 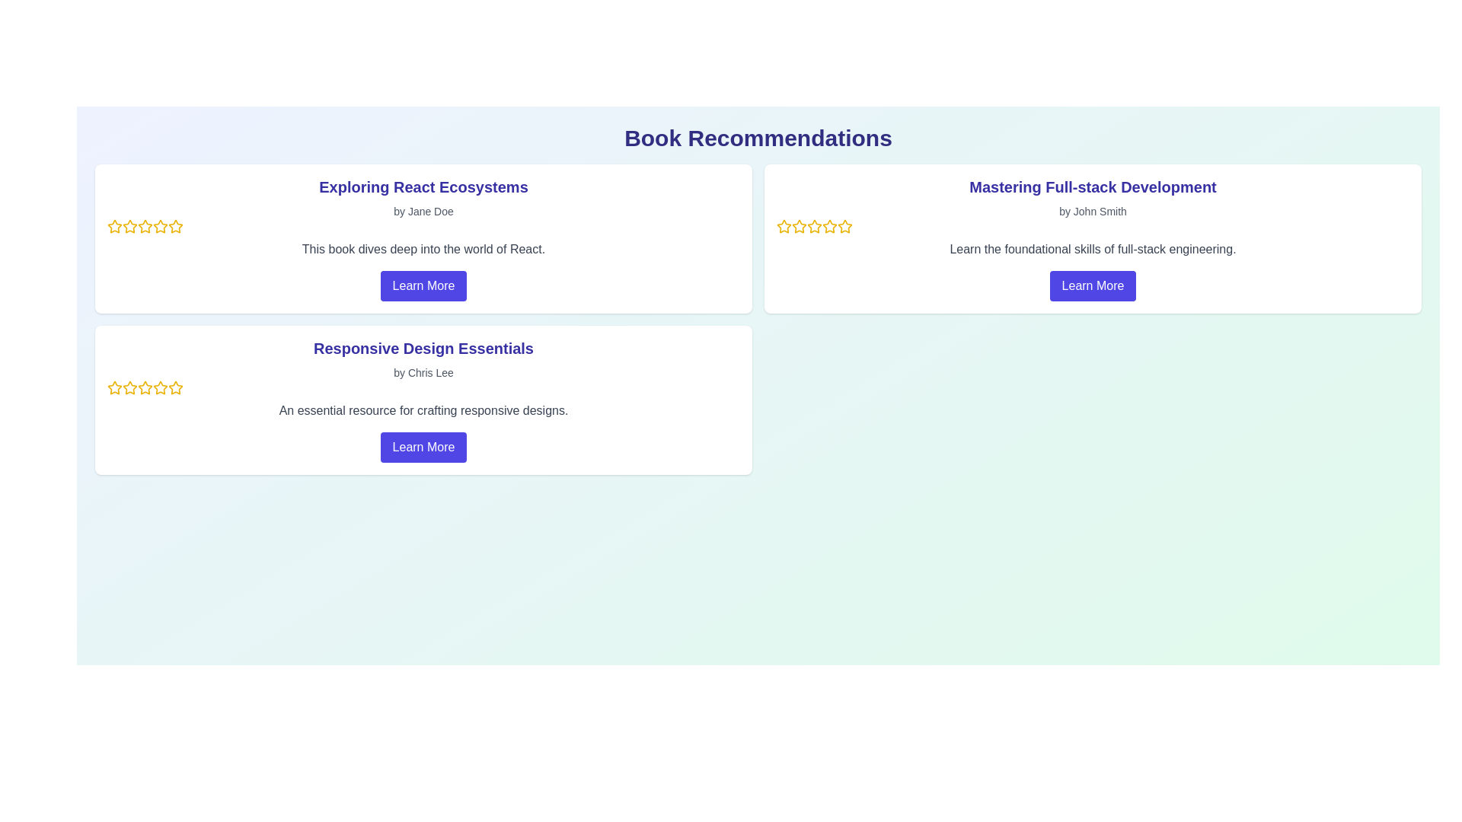 I want to click on the third star-shaped icon in the rating system under the title 'Exploring React Ecosystems' to rate it, so click(x=130, y=226).